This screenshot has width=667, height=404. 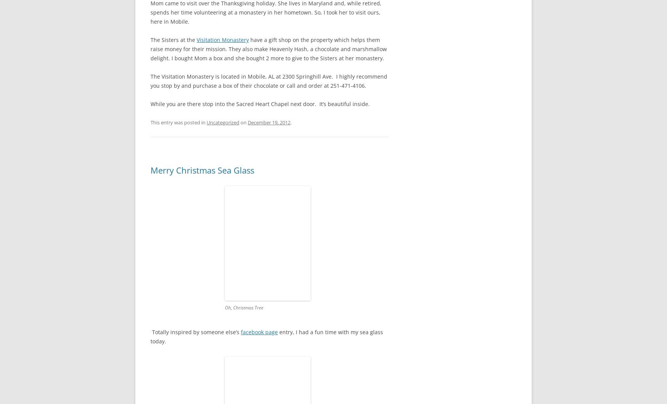 What do you see at coordinates (267, 336) in the screenshot?
I see `'entry, I had a fun time with my sea glass today.'` at bounding box center [267, 336].